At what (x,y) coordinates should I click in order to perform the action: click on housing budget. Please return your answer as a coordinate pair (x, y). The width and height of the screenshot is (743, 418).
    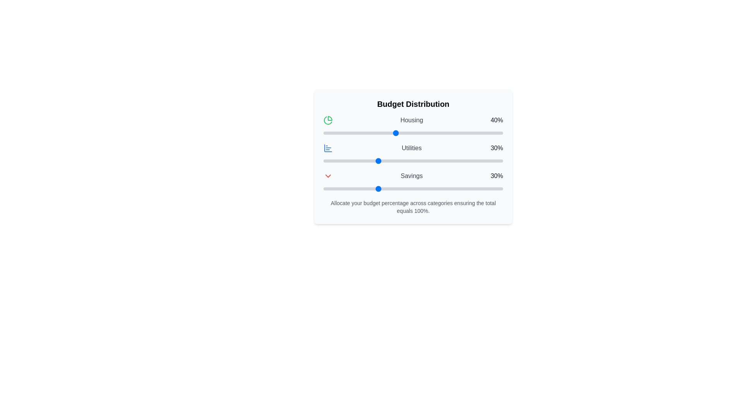
    Looking at the image, I should click on (451, 132).